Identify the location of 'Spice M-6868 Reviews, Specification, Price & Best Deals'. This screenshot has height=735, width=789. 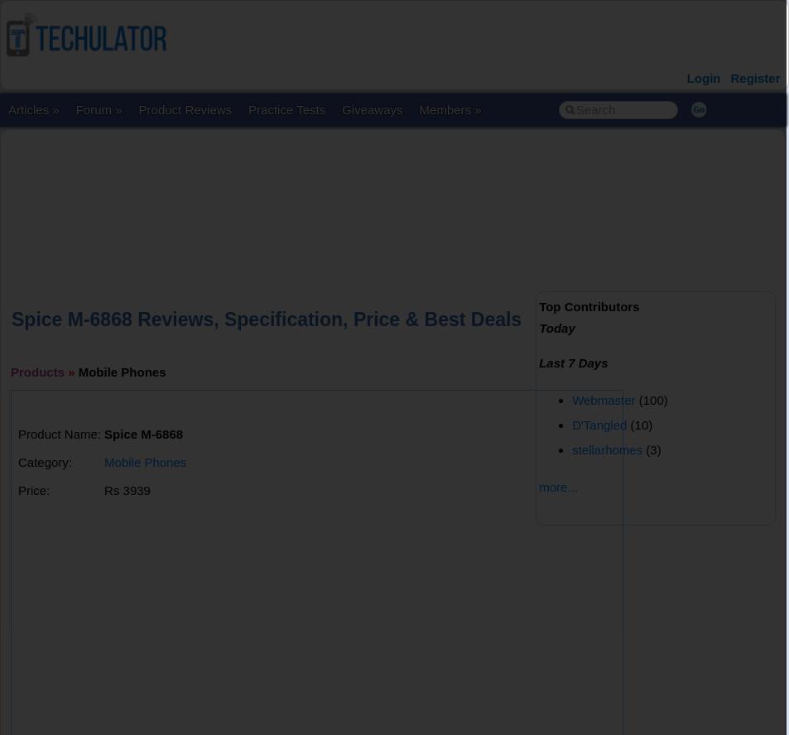
(266, 319).